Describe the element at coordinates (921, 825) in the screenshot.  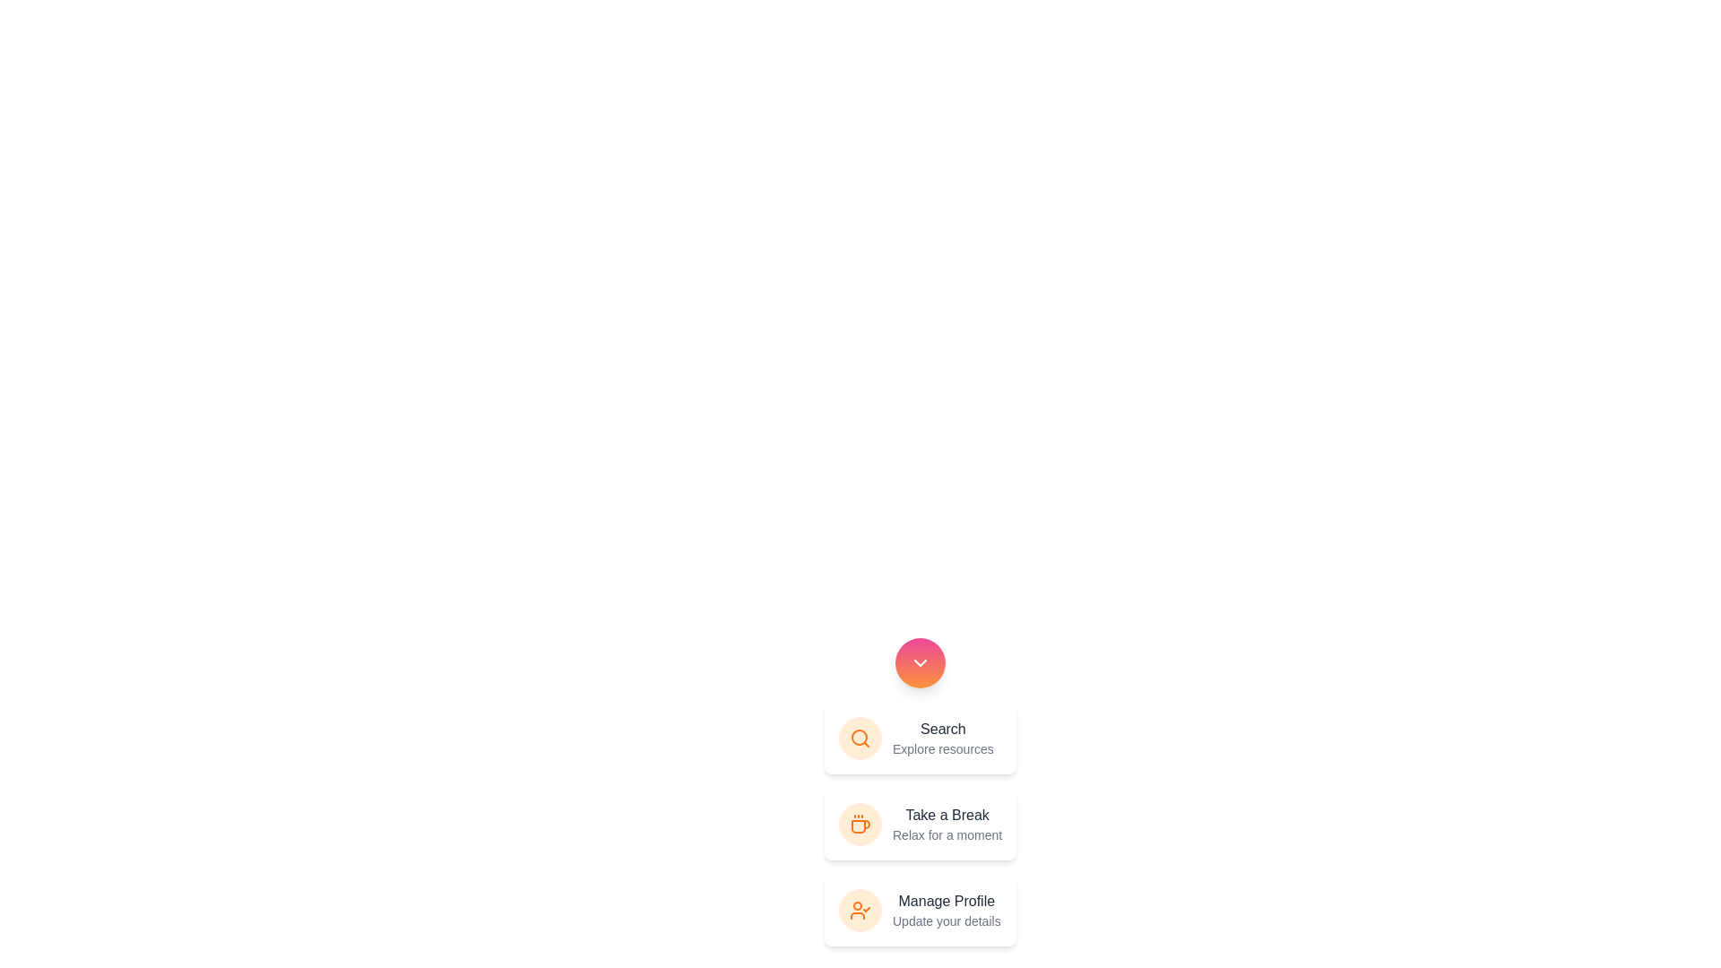
I see `the 'Take a Break' option in the menu` at that location.